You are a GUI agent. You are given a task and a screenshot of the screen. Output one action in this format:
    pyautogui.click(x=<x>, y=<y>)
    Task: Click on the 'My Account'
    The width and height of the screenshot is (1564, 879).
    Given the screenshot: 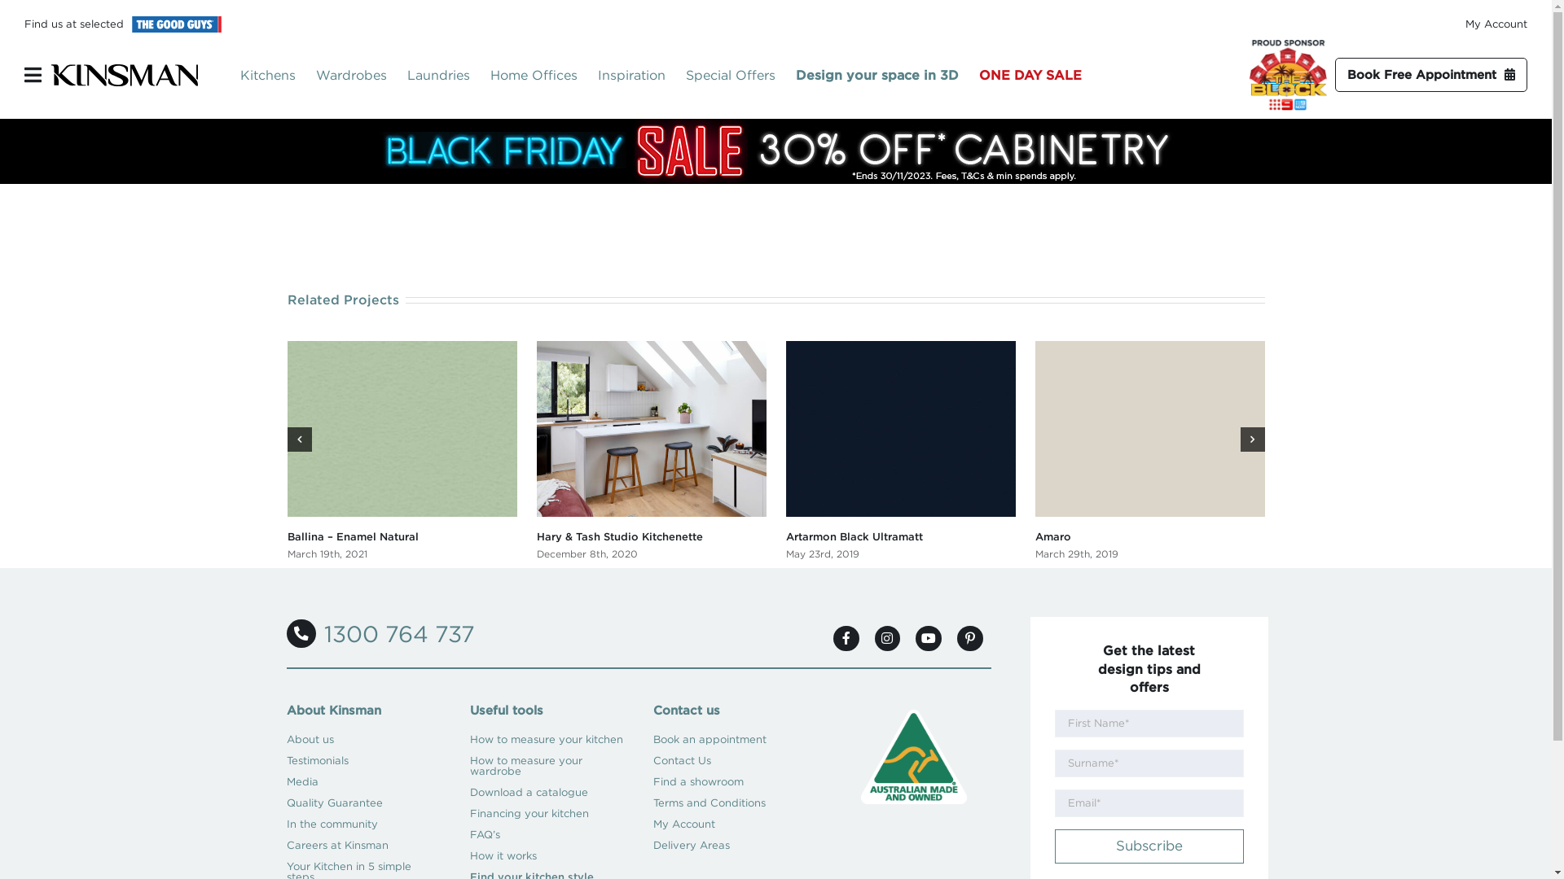 What is the action you would take?
    pyautogui.click(x=652, y=824)
    